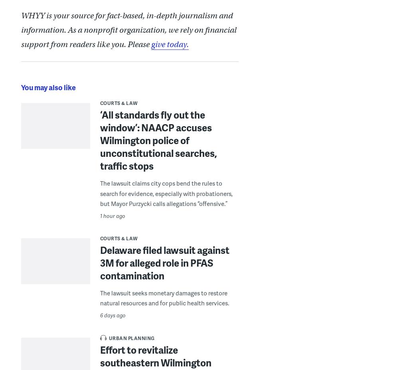 Image resolution: width=419 pixels, height=370 pixels. What do you see at coordinates (112, 315) in the screenshot?
I see `'6 days ago'` at bounding box center [112, 315].